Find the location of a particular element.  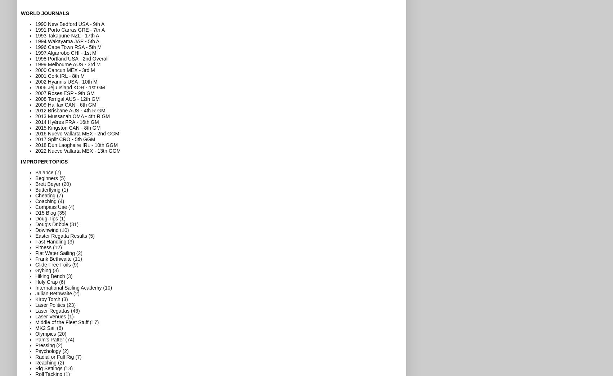

'2001 Cork IRL - 8th M' is located at coordinates (35, 75).